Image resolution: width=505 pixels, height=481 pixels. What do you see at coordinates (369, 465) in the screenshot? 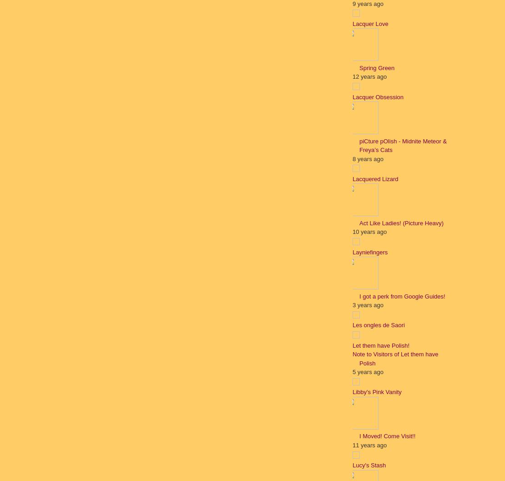
I see `'Lucy's Stash'` at bounding box center [369, 465].